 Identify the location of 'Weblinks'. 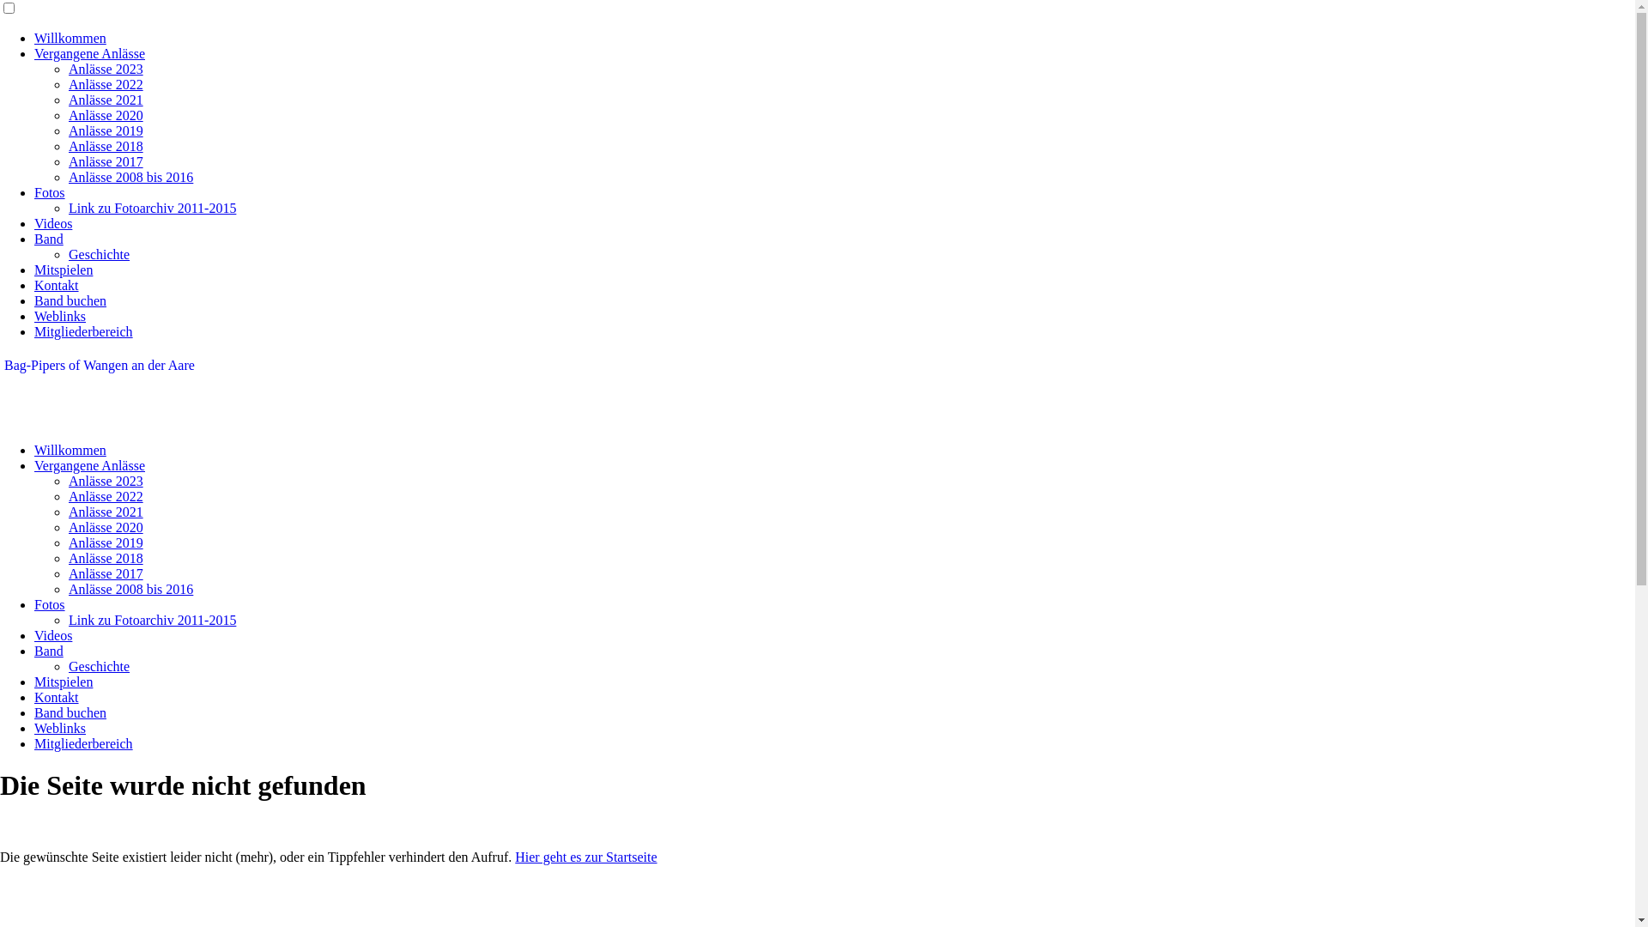
(33, 728).